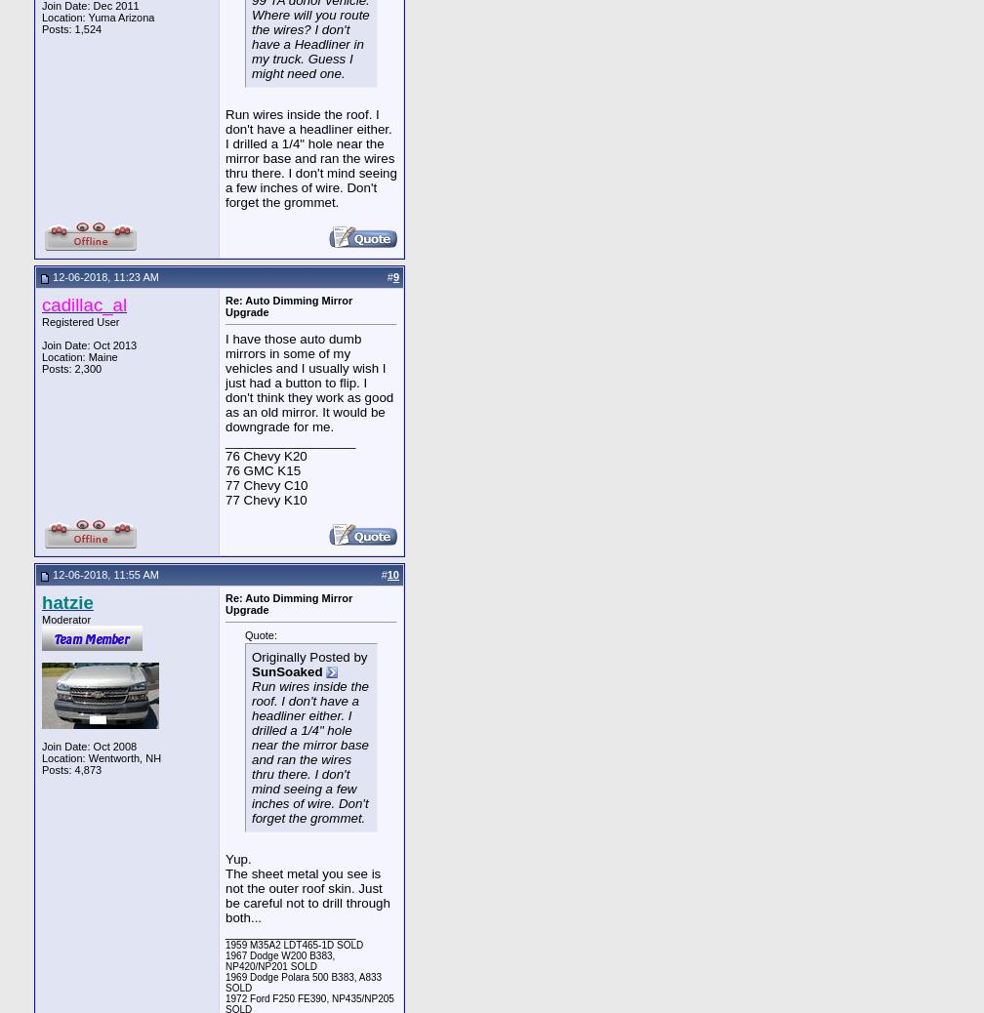 The image size is (984, 1013). I want to click on '76 Chevy K20', so click(266, 456).